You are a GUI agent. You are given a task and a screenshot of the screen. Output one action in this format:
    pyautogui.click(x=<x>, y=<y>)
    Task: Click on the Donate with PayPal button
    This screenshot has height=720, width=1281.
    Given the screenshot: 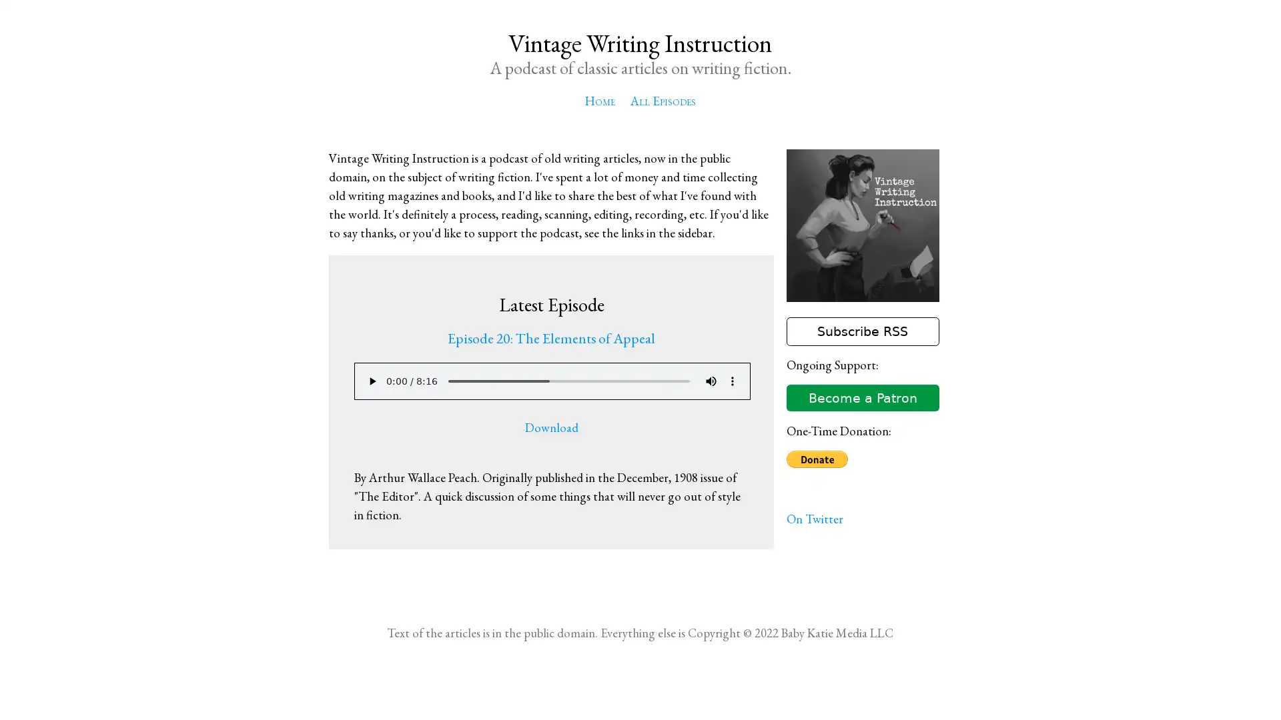 What is the action you would take?
    pyautogui.click(x=816, y=459)
    